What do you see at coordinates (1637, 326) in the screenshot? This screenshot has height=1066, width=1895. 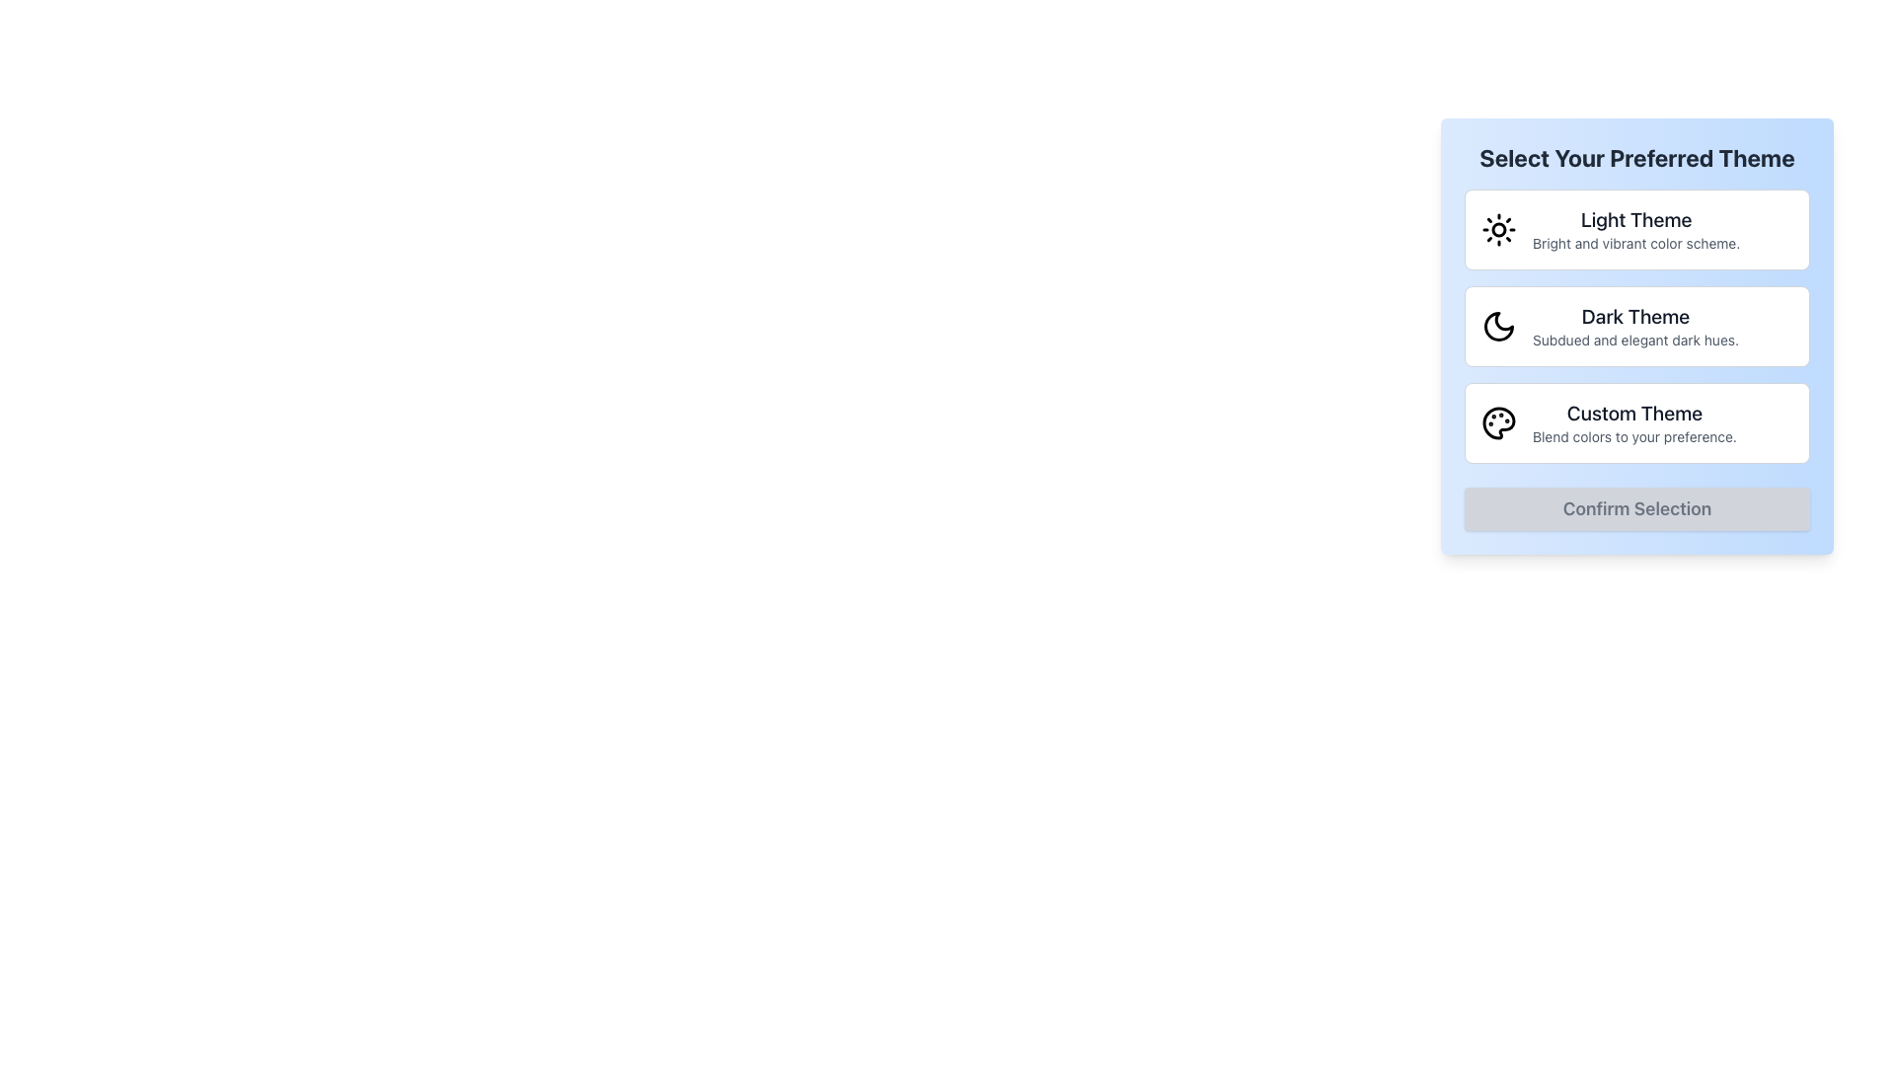 I see `the 'Dark Theme' selectable card option, which is the second card in the theme selection list, featuring a moon icon, bold title 'Dark Theme', and a description below it` at bounding box center [1637, 326].